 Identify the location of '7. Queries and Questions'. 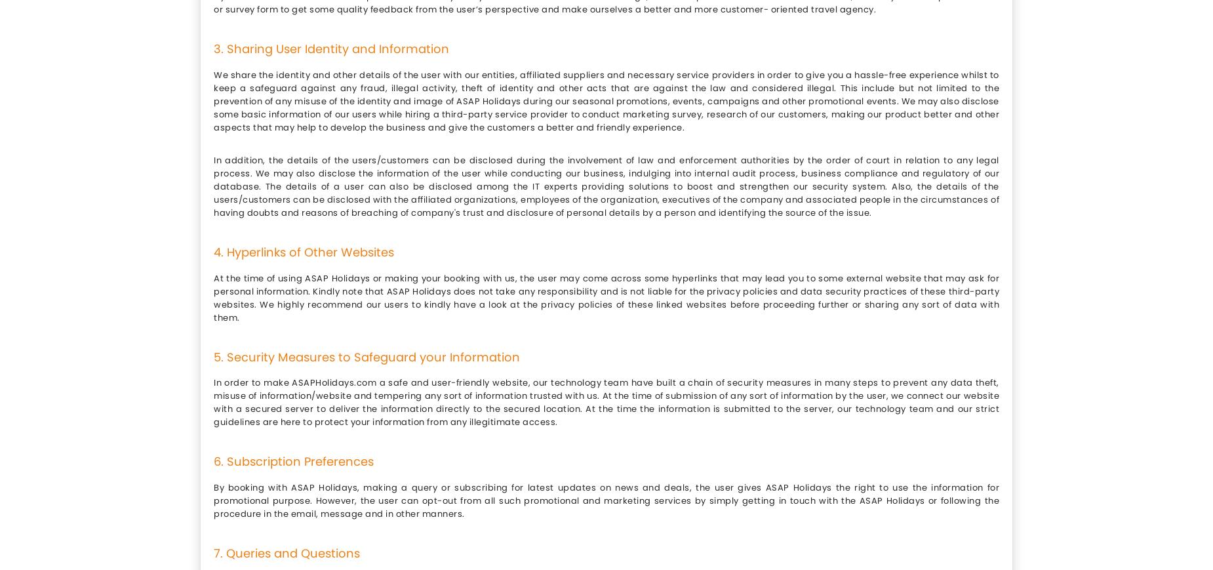
(286, 553).